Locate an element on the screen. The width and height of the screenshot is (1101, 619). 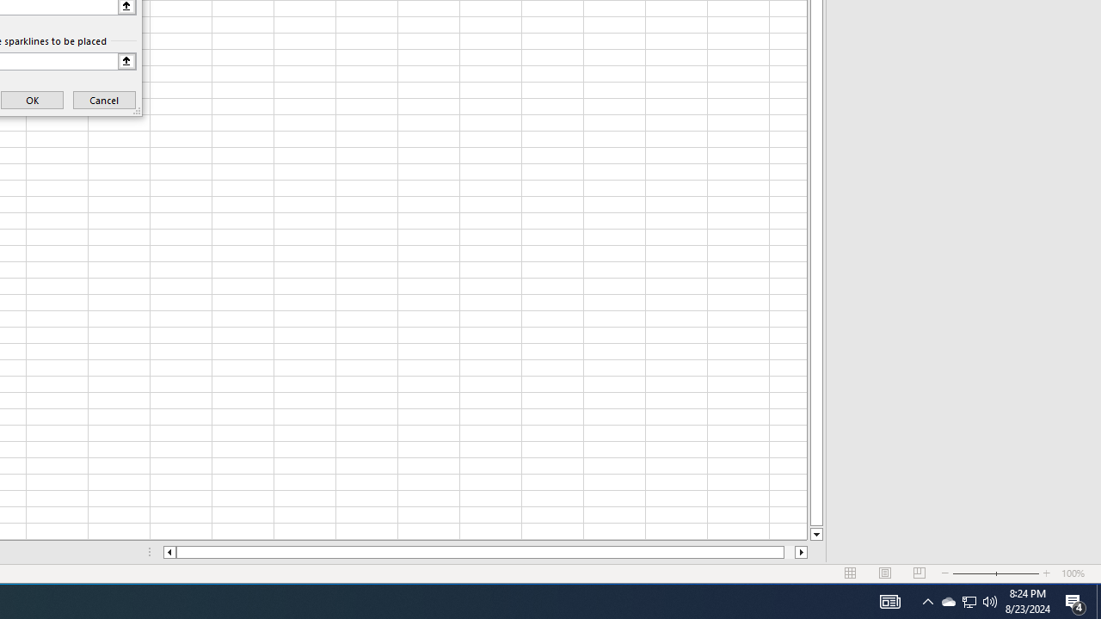
'Page right' is located at coordinates (788, 552).